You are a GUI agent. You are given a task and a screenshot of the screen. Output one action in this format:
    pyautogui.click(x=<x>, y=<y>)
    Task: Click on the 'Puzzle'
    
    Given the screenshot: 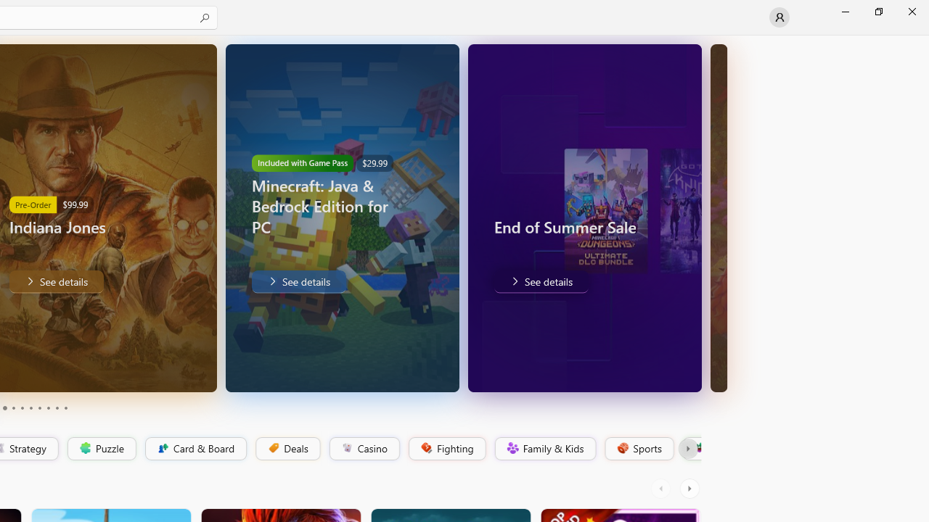 What is the action you would take?
    pyautogui.click(x=100, y=448)
    